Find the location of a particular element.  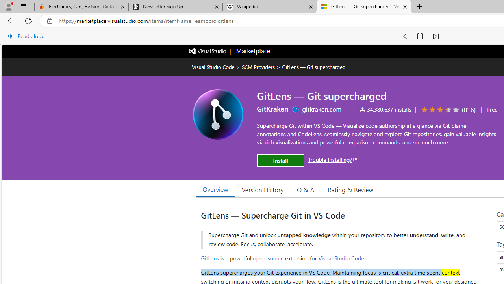

'Read previous paragraph' is located at coordinates (404, 36).